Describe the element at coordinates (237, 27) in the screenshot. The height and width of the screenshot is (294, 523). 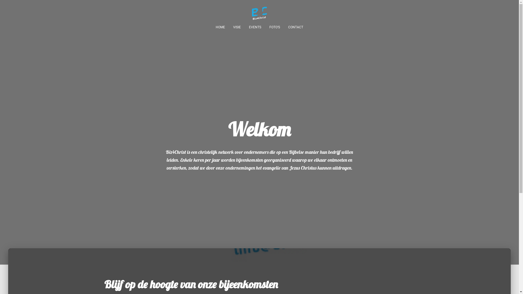
I see `'VISIE'` at that location.